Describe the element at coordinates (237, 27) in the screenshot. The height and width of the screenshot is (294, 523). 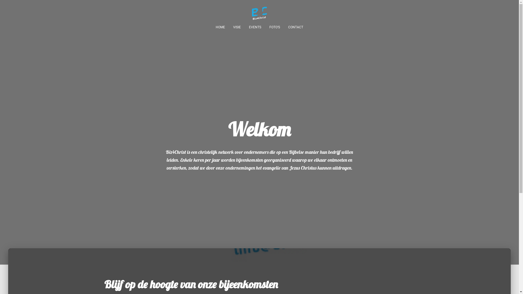
I see `'VISIE'` at that location.